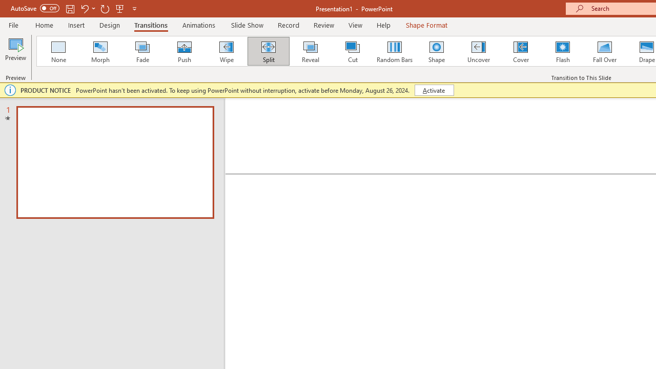 The image size is (656, 369). What do you see at coordinates (434, 90) in the screenshot?
I see `'Activate'` at bounding box center [434, 90].